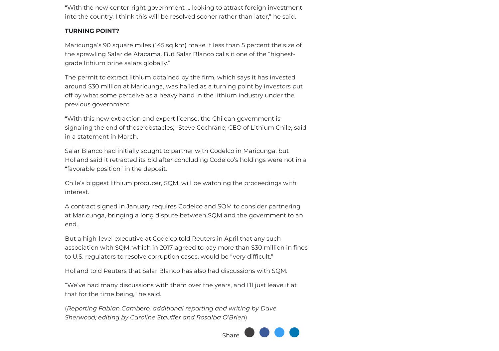 This screenshot has width=499, height=351. What do you see at coordinates (65, 91) in the screenshot?
I see `'The permit to extract lithium obtained by the firm, which says it has invested around $30 million at Maricunga, was hailed as a turning point by investors put off by what some perceive as a heavy hand in the lithium industry under the previous government.'` at bounding box center [65, 91].